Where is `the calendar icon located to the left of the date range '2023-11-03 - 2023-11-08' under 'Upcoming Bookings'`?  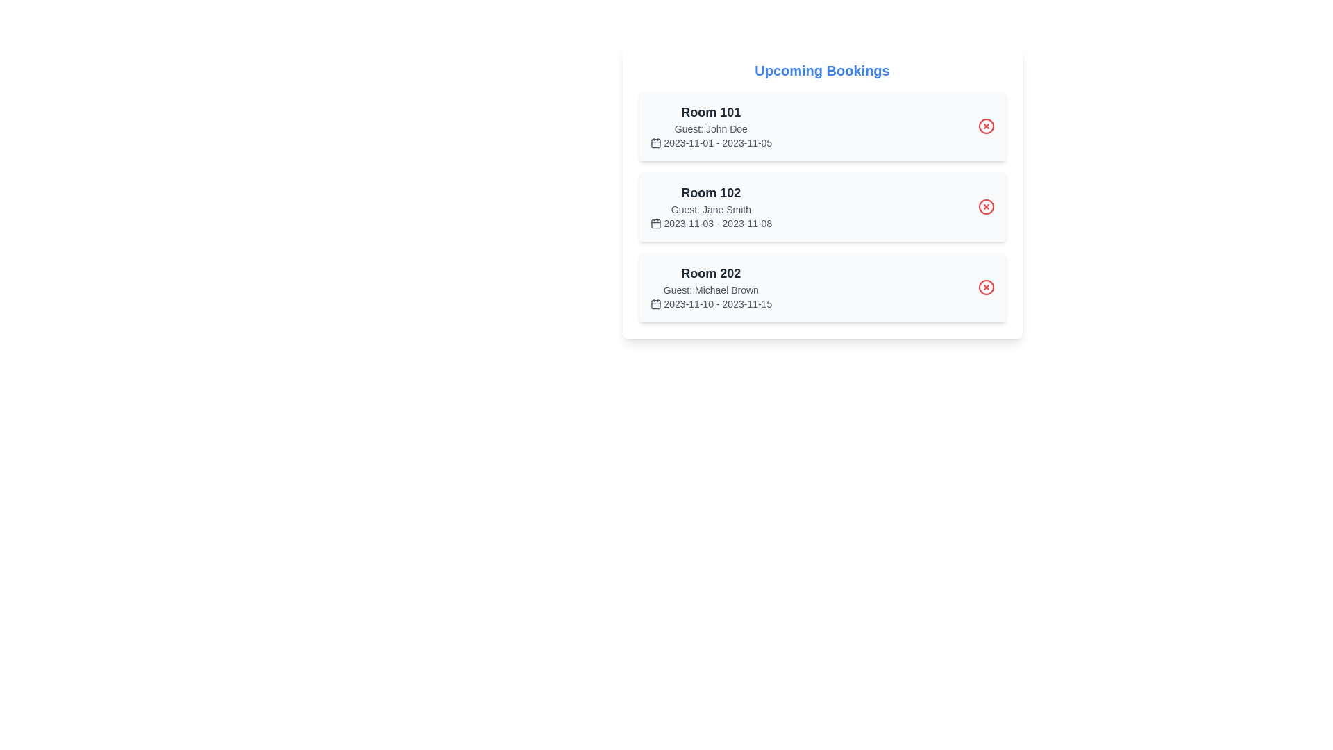
the calendar icon located to the left of the date range '2023-11-03 - 2023-11-08' under 'Upcoming Bookings' is located at coordinates (655, 222).